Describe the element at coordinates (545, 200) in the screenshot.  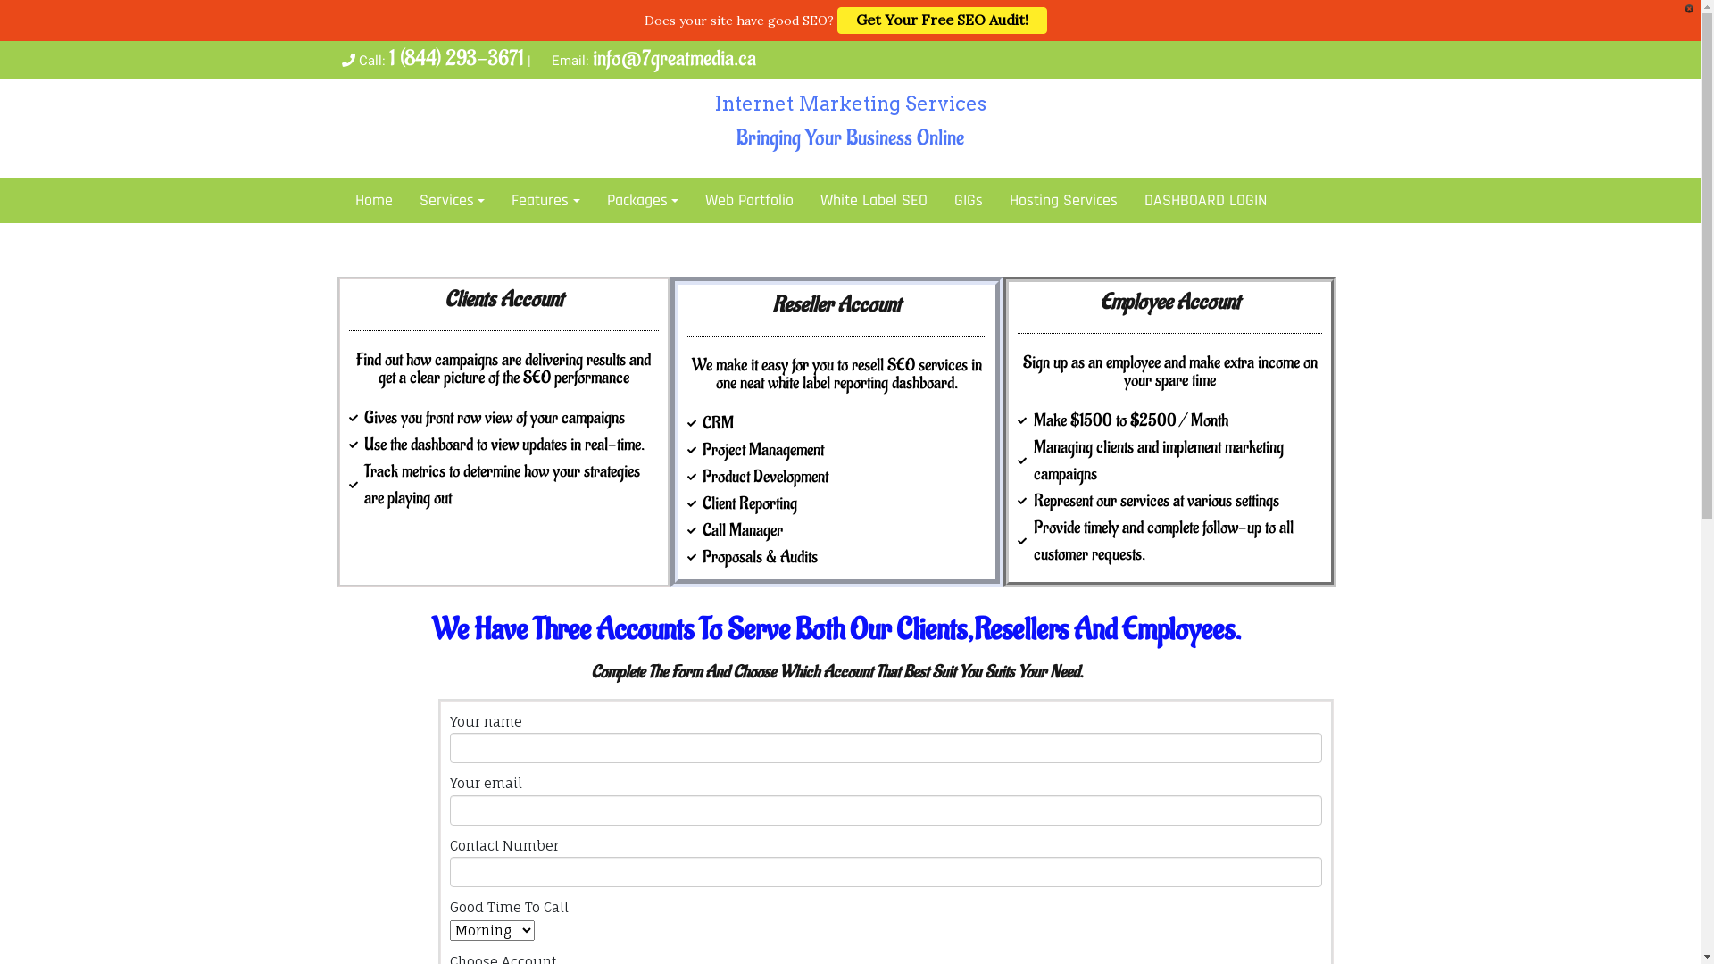
I see `'Features'` at that location.